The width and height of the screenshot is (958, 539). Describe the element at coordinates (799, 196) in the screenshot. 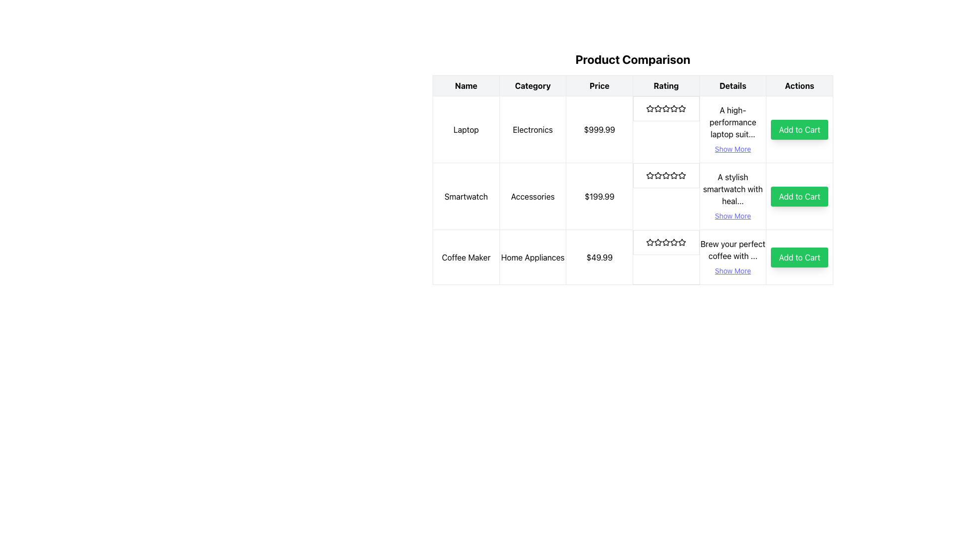

I see `the 'Add Smartwatch to Cart' button located` at that location.